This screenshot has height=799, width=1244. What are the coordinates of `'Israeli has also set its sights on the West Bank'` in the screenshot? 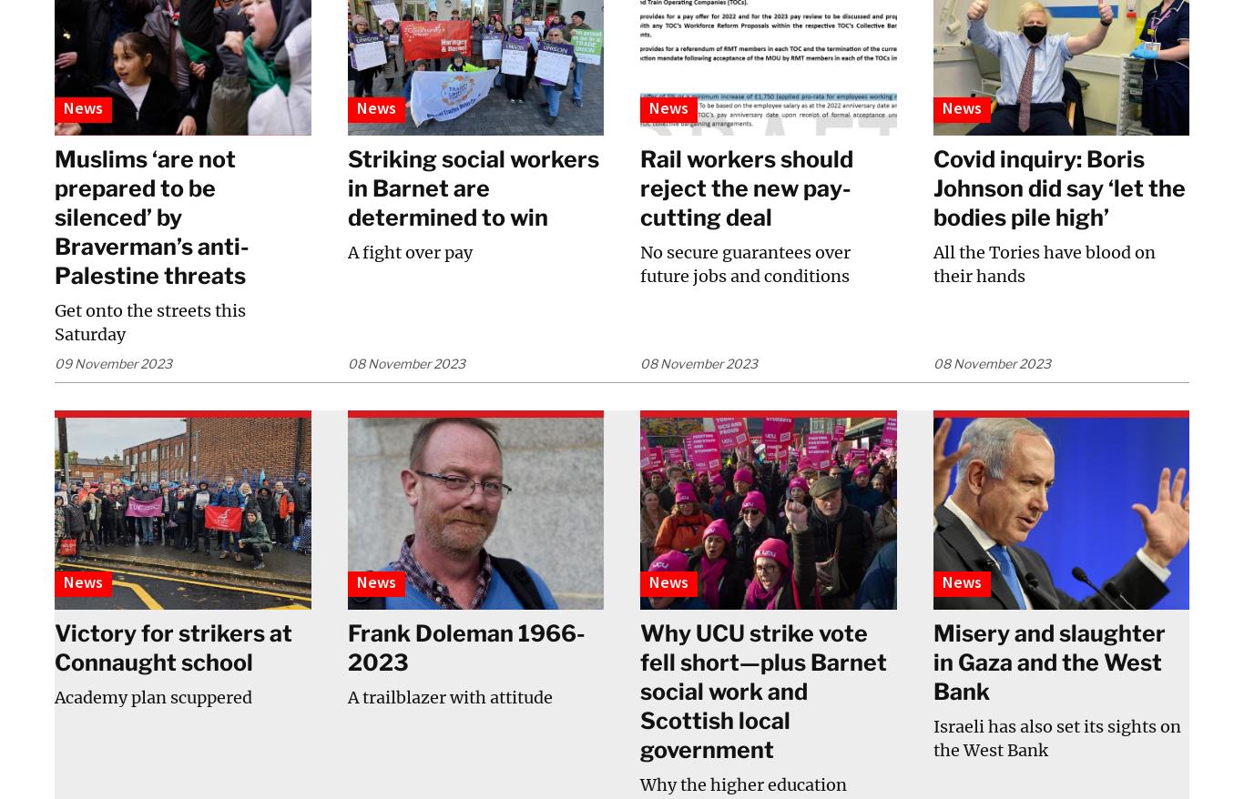 It's located at (1056, 736).